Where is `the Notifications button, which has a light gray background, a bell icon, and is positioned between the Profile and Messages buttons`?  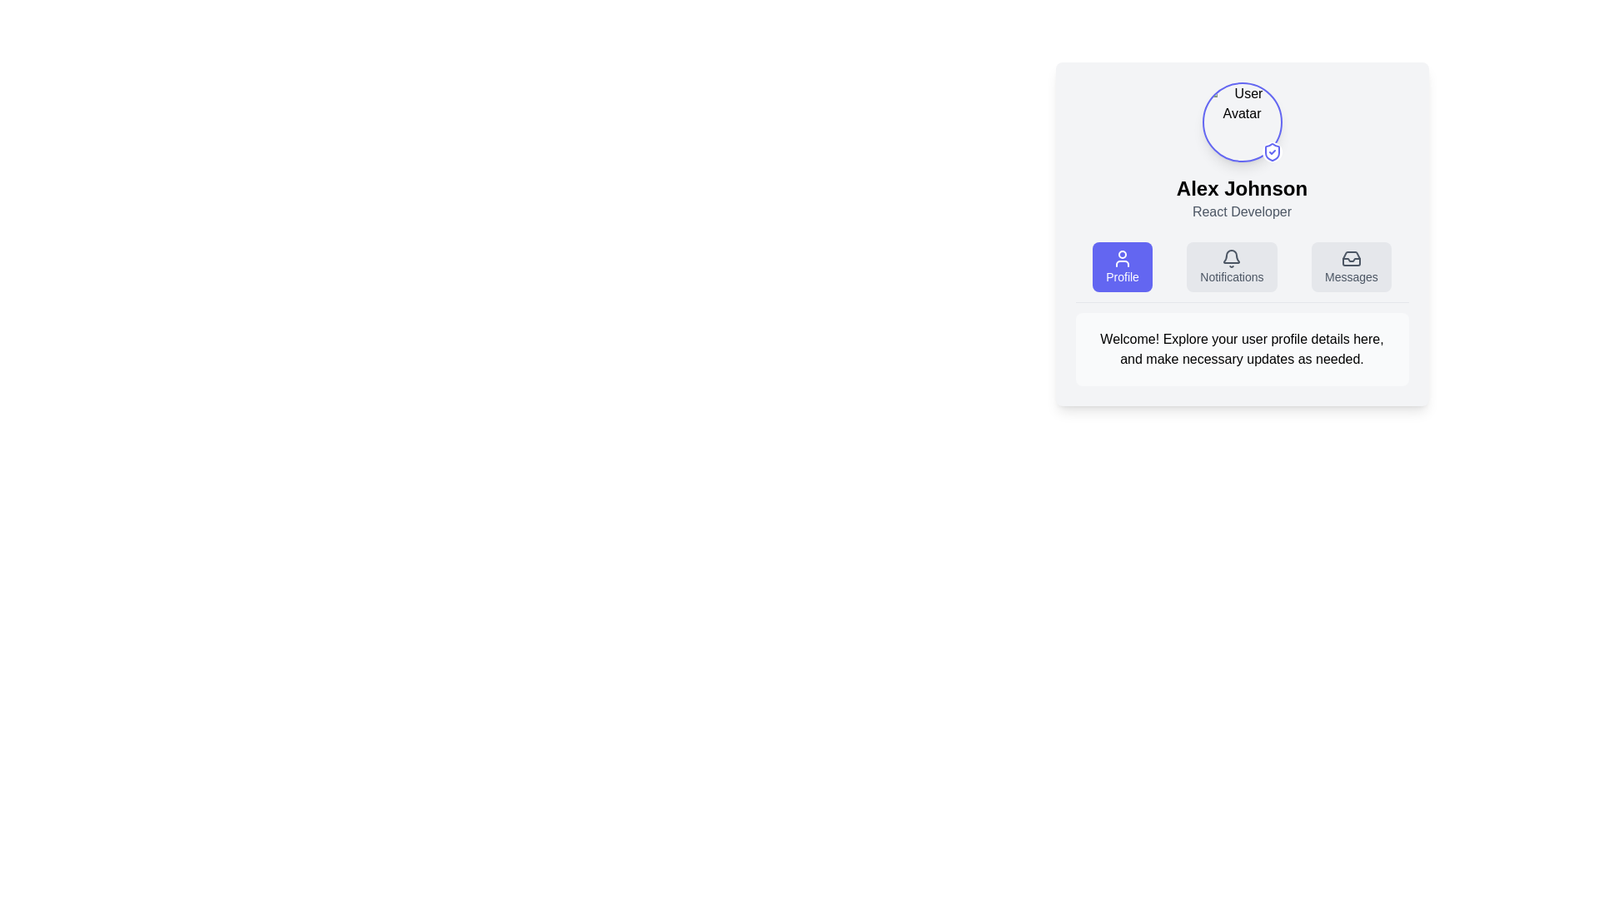
the Notifications button, which has a light gray background, a bell icon, and is positioned between the Profile and Messages buttons is located at coordinates (1231, 266).